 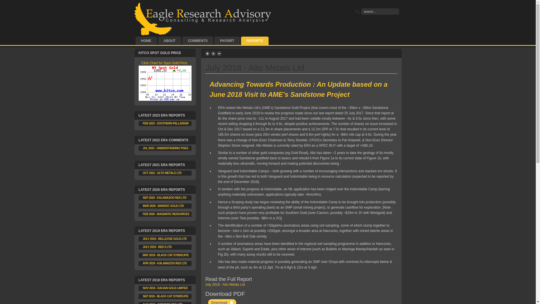 I want to click on 'APR 2019 - KALAMAZOO RES LTD', so click(x=164, y=263).